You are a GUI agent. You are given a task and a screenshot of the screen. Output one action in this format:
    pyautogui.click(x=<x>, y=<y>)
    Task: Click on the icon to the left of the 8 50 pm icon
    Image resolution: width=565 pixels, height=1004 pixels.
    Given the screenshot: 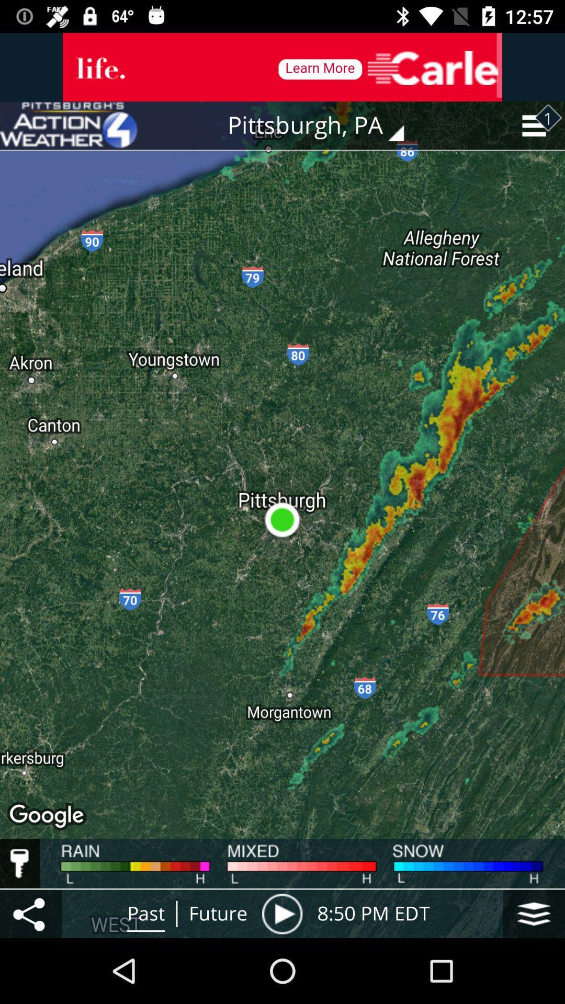 What is the action you would take?
    pyautogui.click(x=281, y=913)
    